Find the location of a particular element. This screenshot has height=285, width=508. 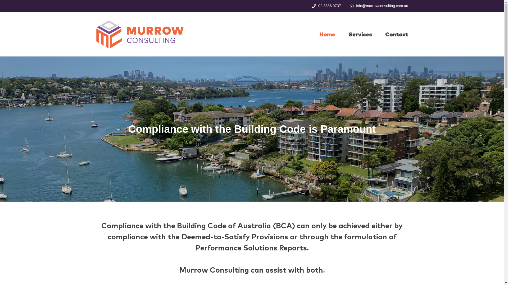

'info@murrowconsulting.com.au' is located at coordinates (378, 6).